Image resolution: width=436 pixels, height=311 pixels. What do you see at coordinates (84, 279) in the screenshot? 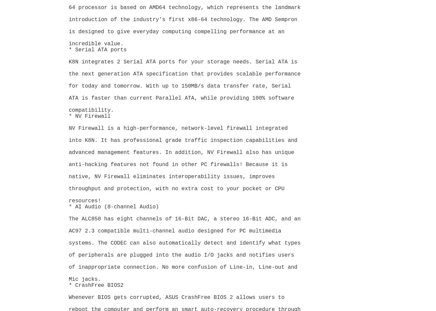
I see `'Mic jacks.'` at bounding box center [84, 279].